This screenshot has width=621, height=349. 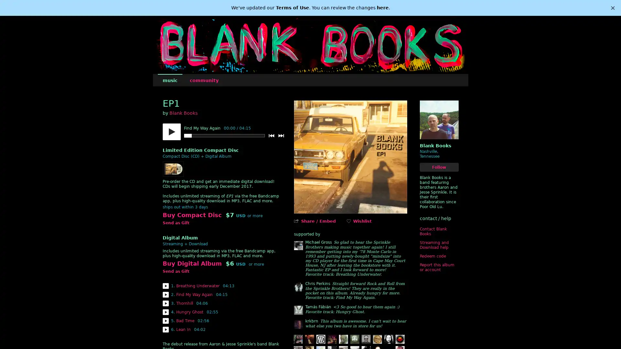 I want to click on Play Hungry Ghost, so click(x=165, y=312).